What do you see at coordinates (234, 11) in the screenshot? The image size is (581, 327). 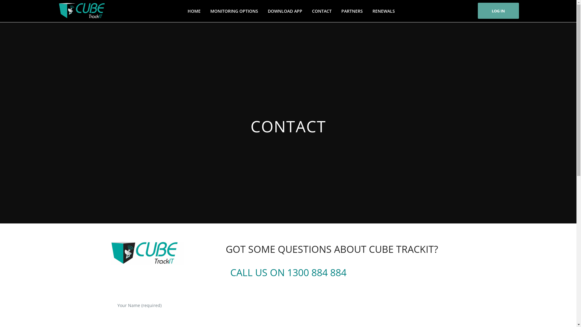 I see `'MONITORING OPTIONS'` at bounding box center [234, 11].